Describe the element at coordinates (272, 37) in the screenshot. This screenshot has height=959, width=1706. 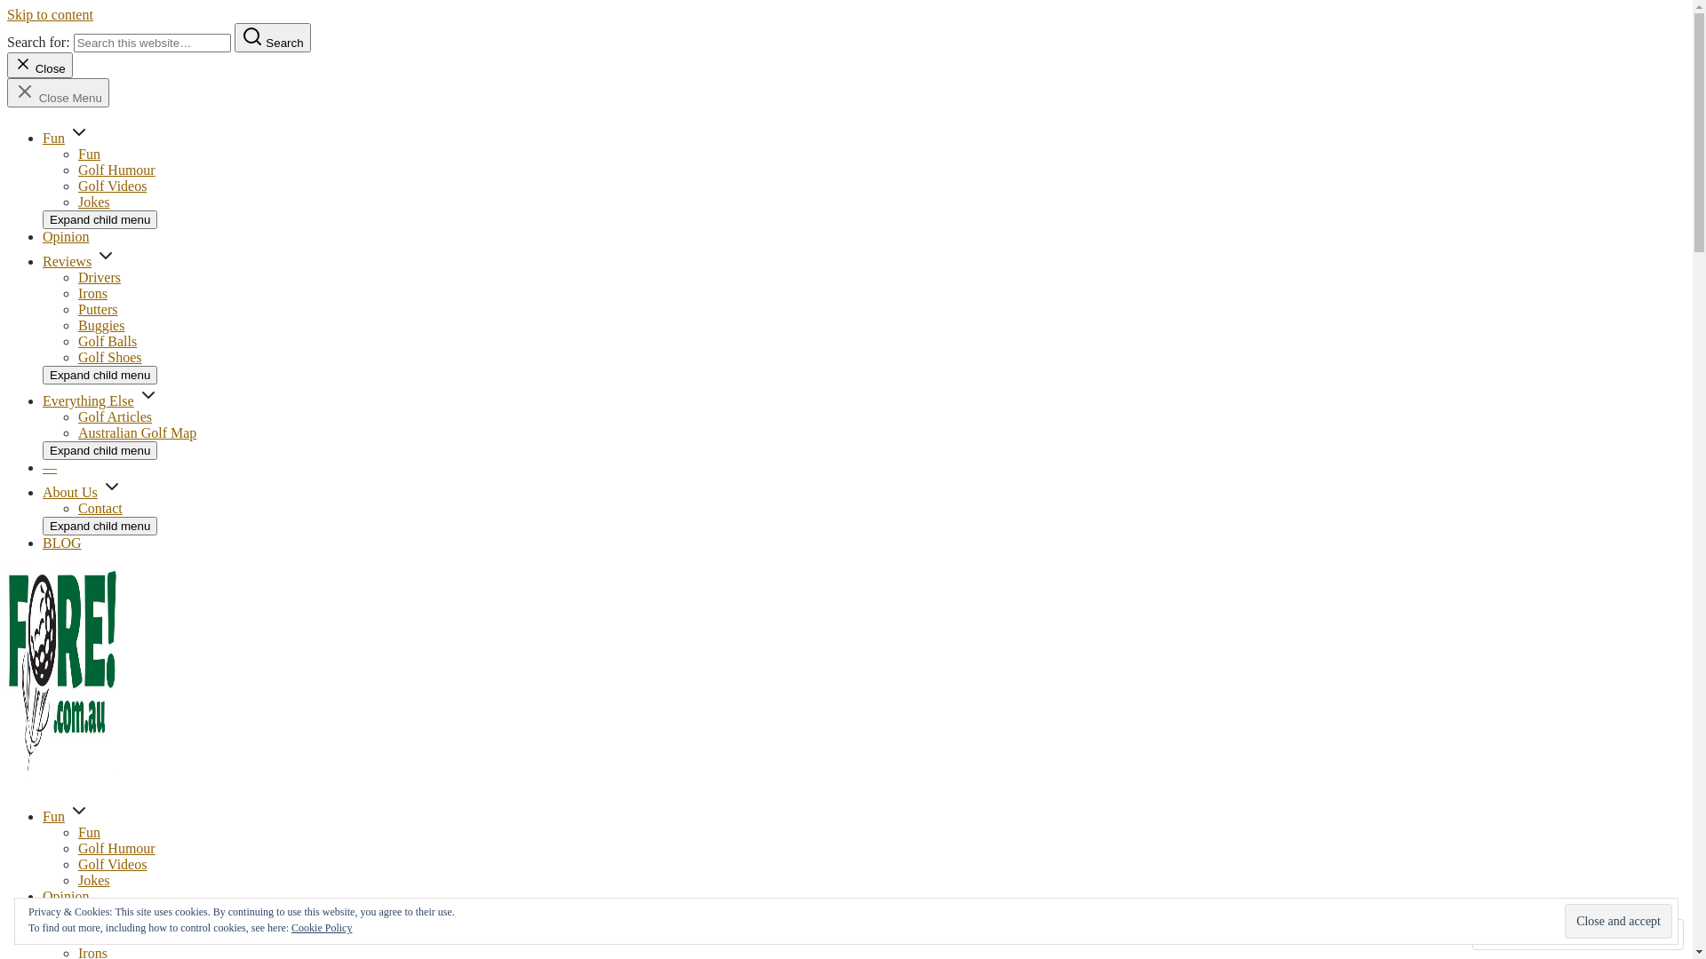
I see `'Search'` at that location.